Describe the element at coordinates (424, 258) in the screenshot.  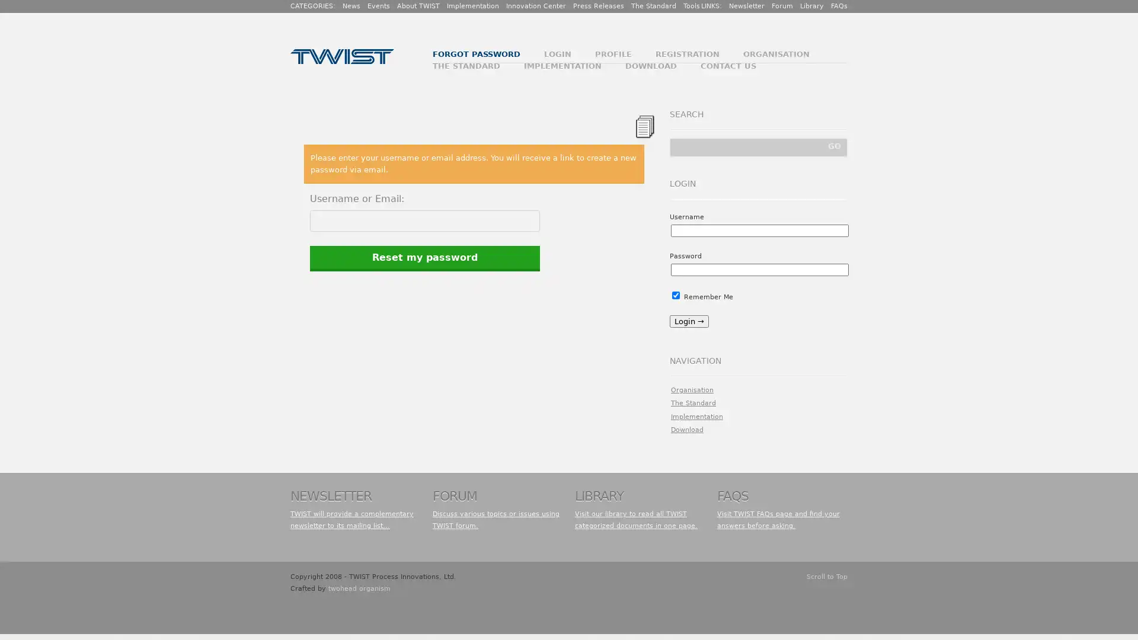
I see `Reset my password` at that location.